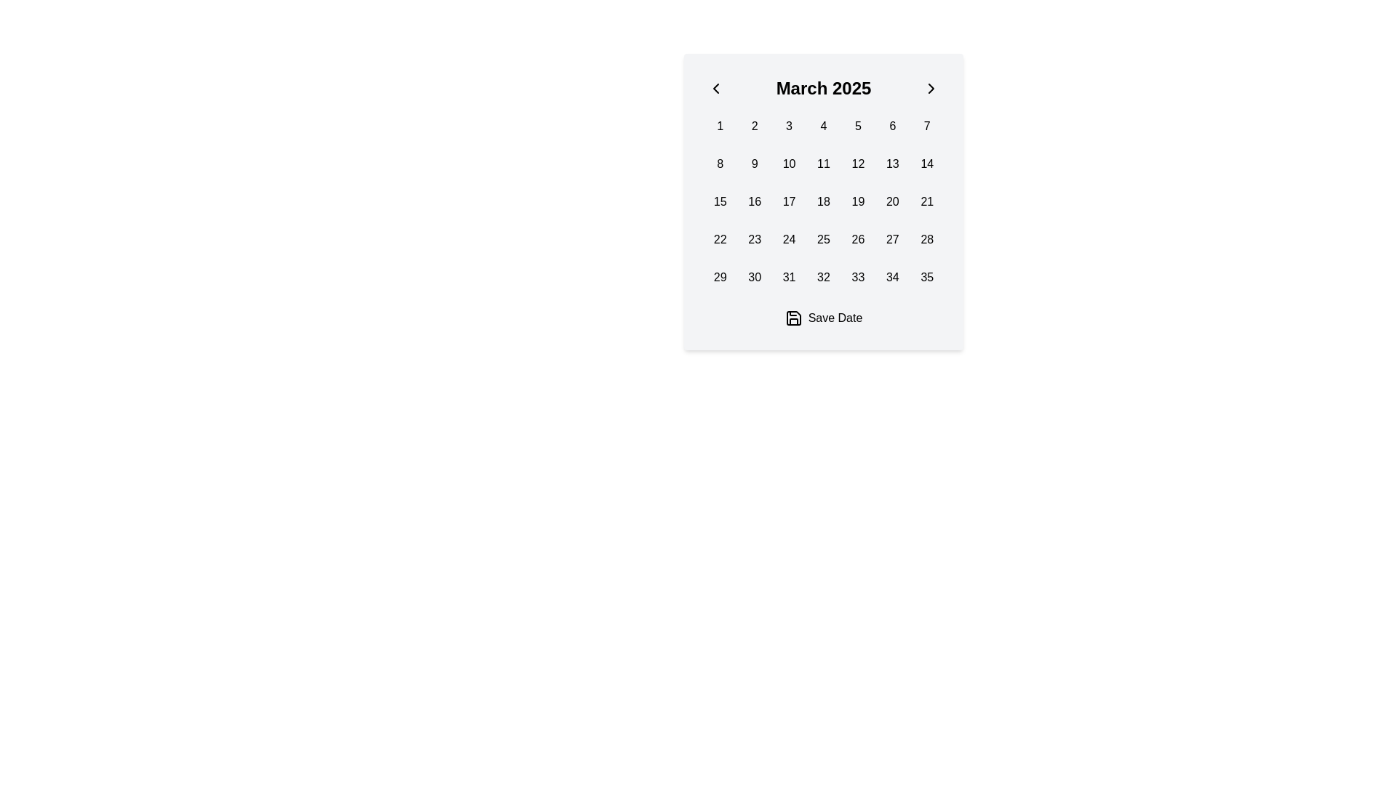 The image size is (1396, 785). I want to click on the small square button displaying the number '4' in bold black text, so click(823, 125).